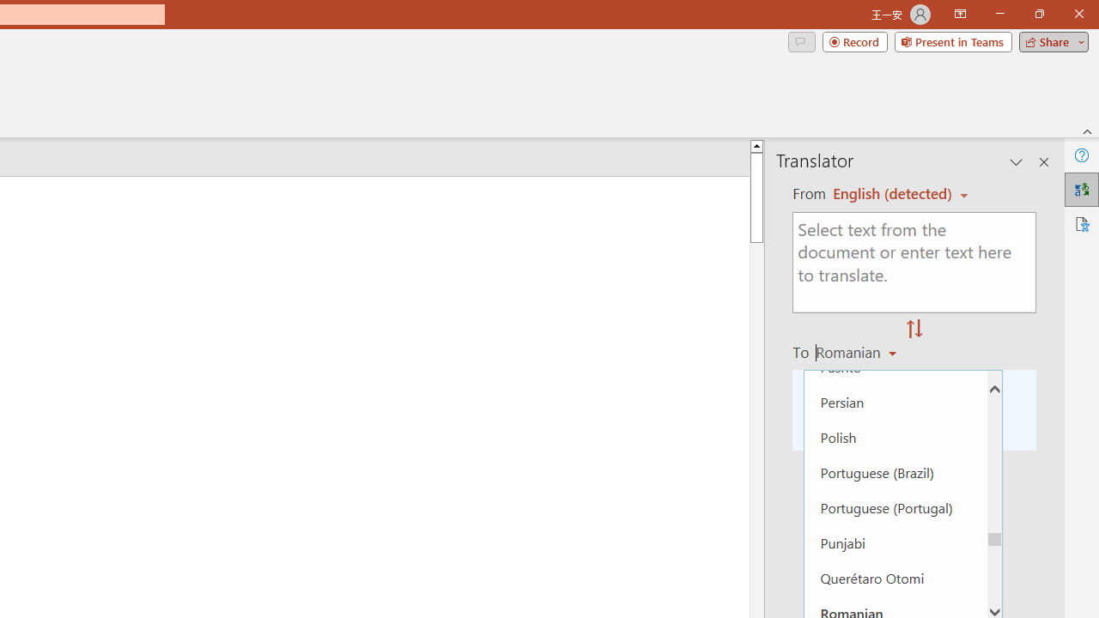 Image resolution: width=1099 pixels, height=618 pixels. I want to click on 'Romanian', so click(859, 351).